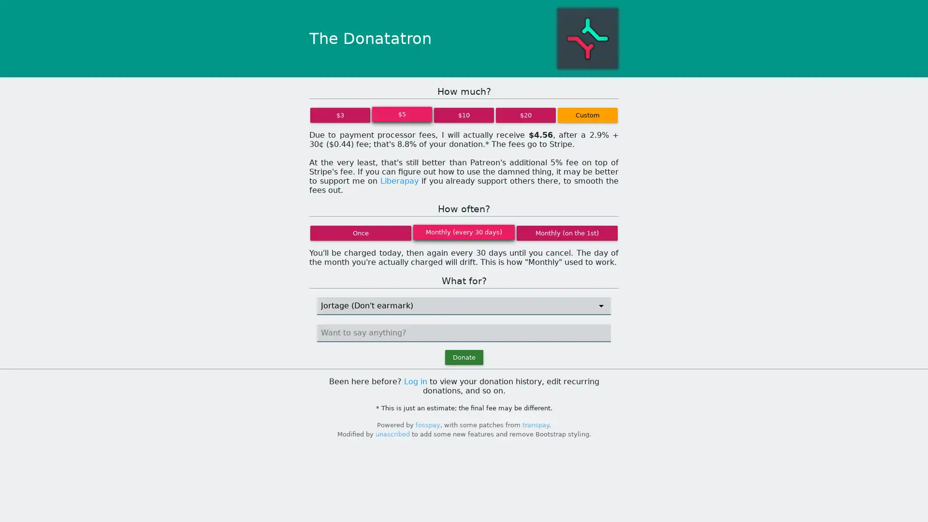 Image resolution: width=928 pixels, height=522 pixels. Describe the element at coordinates (463, 232) in the screenshot. I see `Monthly (every 30 days)` at that location.